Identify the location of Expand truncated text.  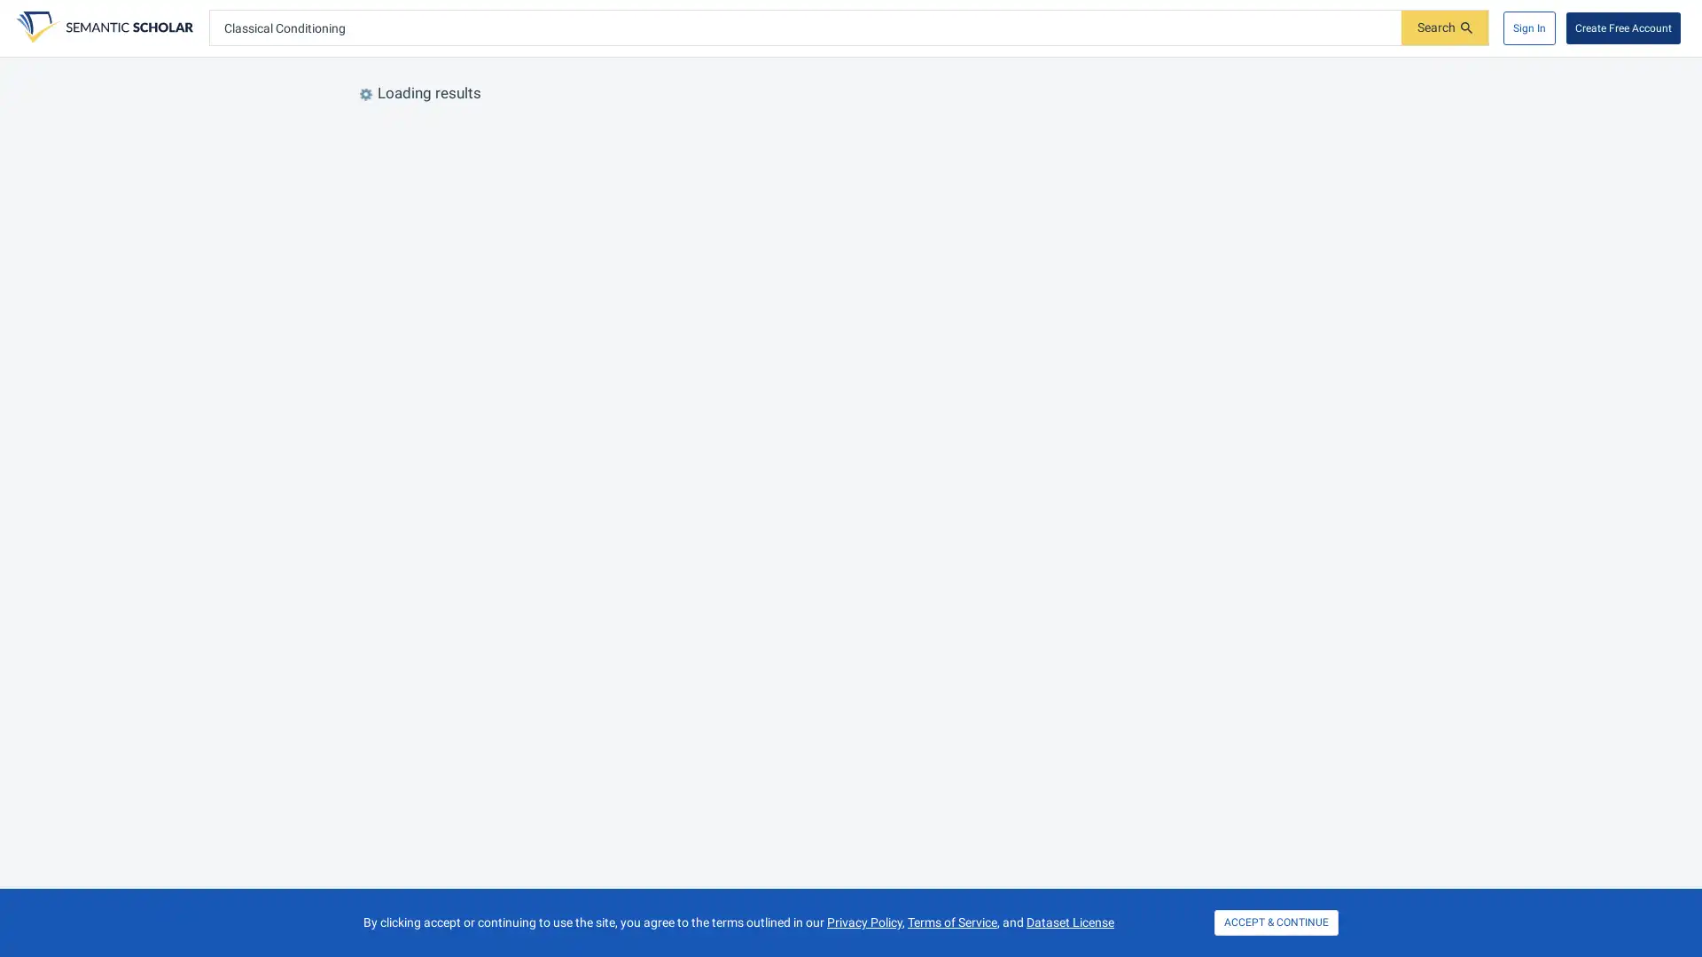
(621, 603).